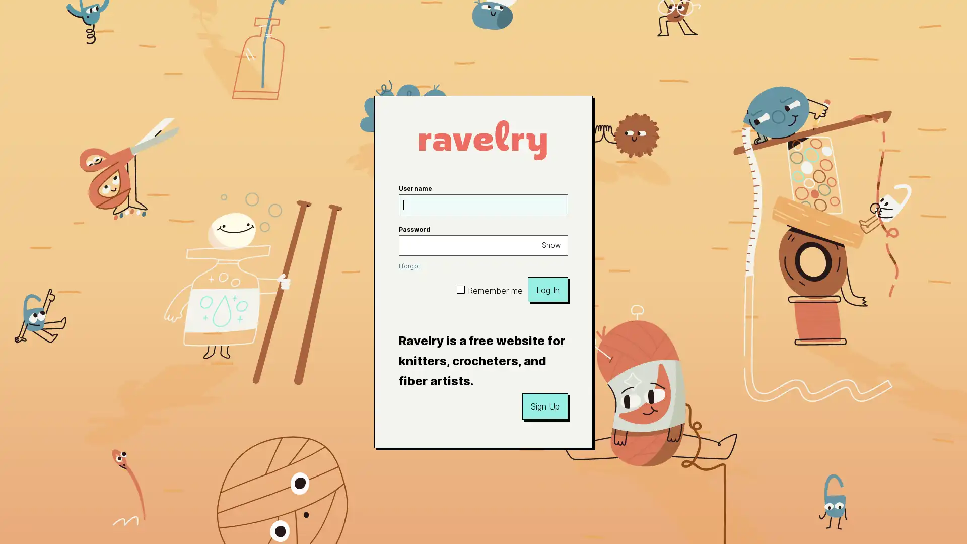 This screenshot has width=967, height=544. What do you see at coordinates (550, 245) in the screenshot?
I see `Show password` at bounding box center [550, 245].